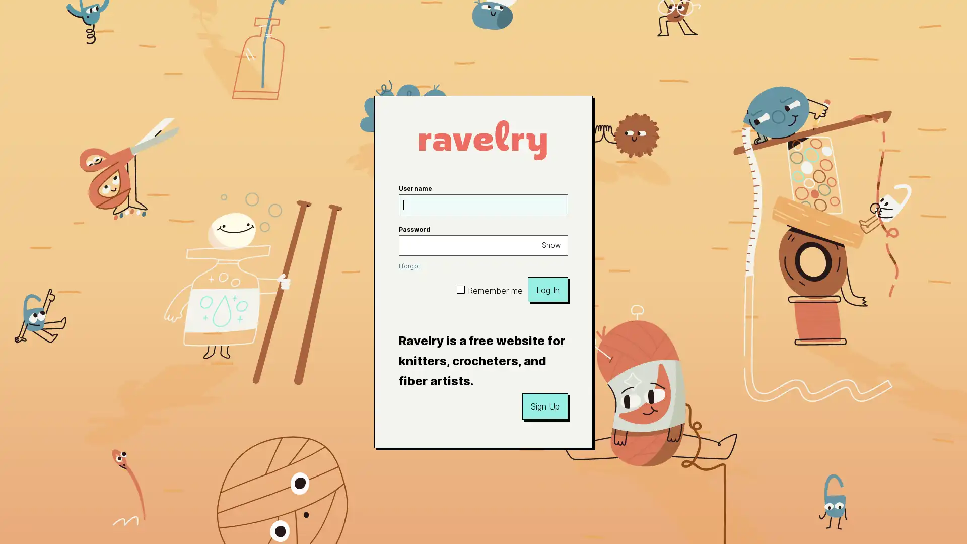 This screenshot has width=967, height=544. What do you see at coordinates (550, 245) in the screenshot?
I see `Show password` at bounding box center [550, 245].